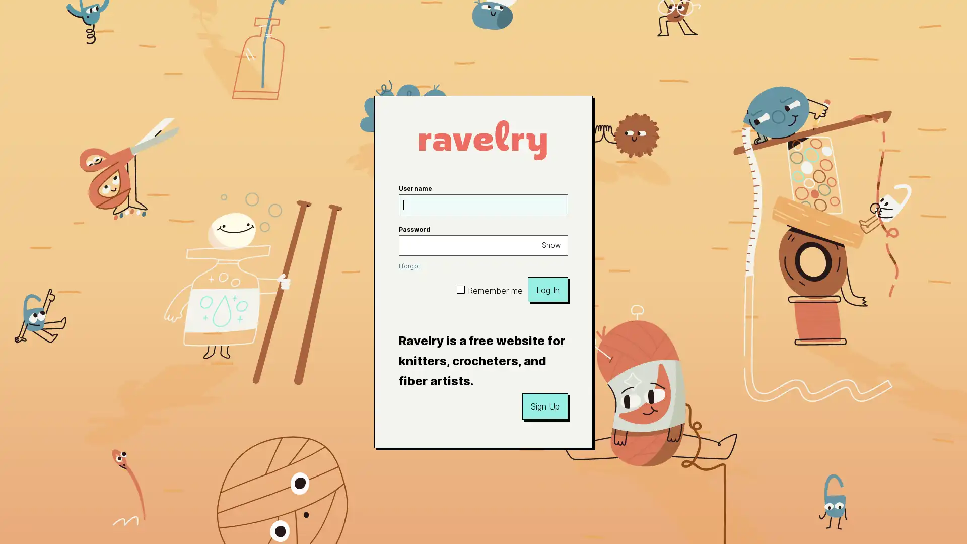 This screenshot has width=967, height=544. What do you see at coordinates (550, 245) in the screenshot?
I see `Show password` at bounding box center [550, 245].